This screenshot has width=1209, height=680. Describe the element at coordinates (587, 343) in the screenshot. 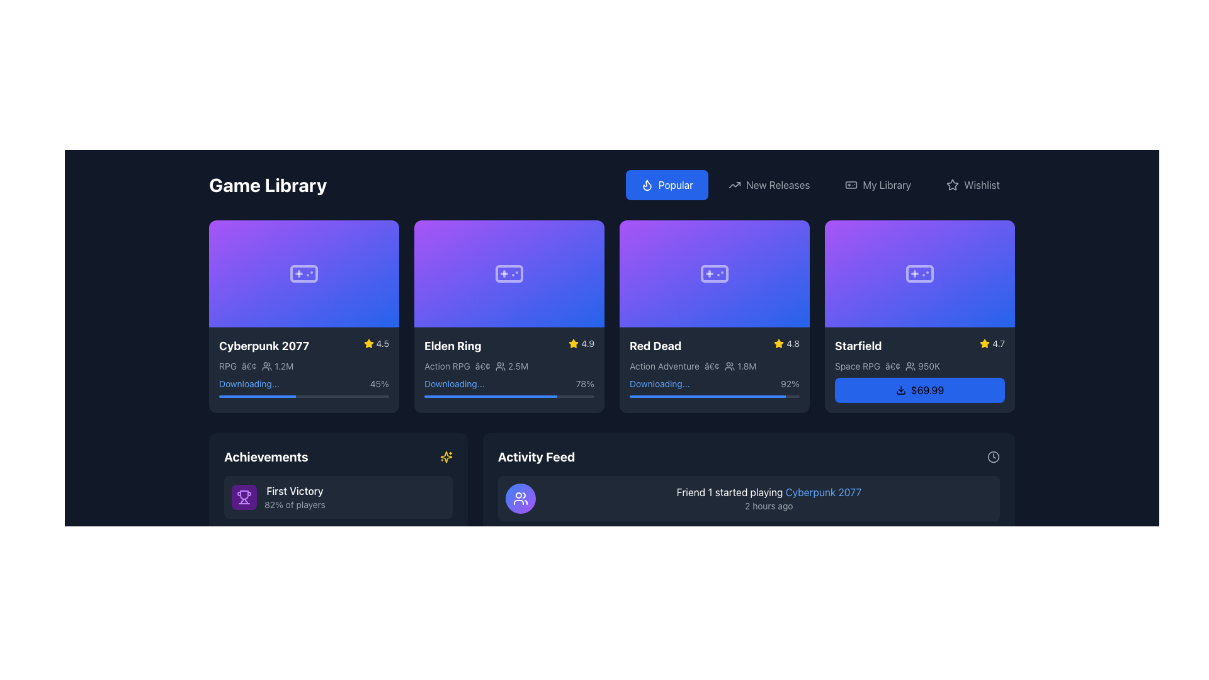

I see `the numeric label displaying '4.9' in gray color, located to the right of the star icon in the rating section of the 'Elden Ring' game card` at that location.